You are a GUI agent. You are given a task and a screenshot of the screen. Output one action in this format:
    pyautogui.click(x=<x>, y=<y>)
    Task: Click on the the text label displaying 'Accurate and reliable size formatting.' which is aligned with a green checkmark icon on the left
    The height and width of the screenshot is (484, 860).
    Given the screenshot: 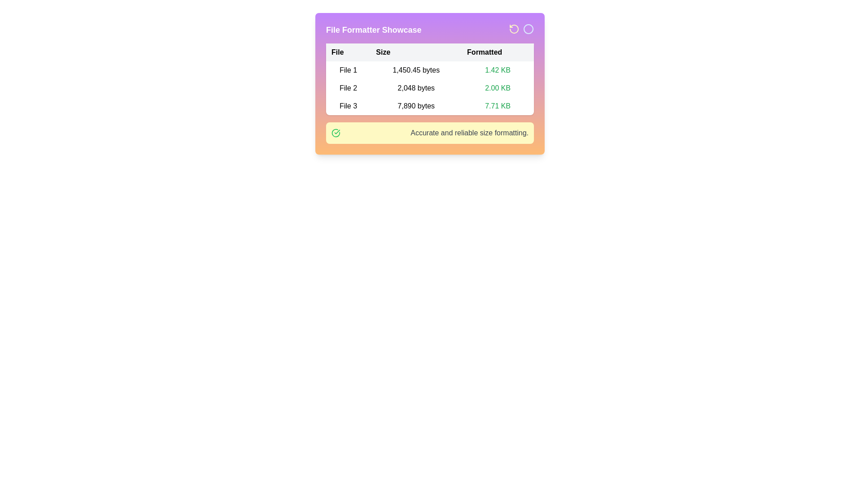 What is the action you would take?
    pyautogui.click(x=469, y=133)
    